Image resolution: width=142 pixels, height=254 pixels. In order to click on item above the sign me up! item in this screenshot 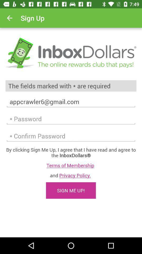, I will do `click(71, 175)`.